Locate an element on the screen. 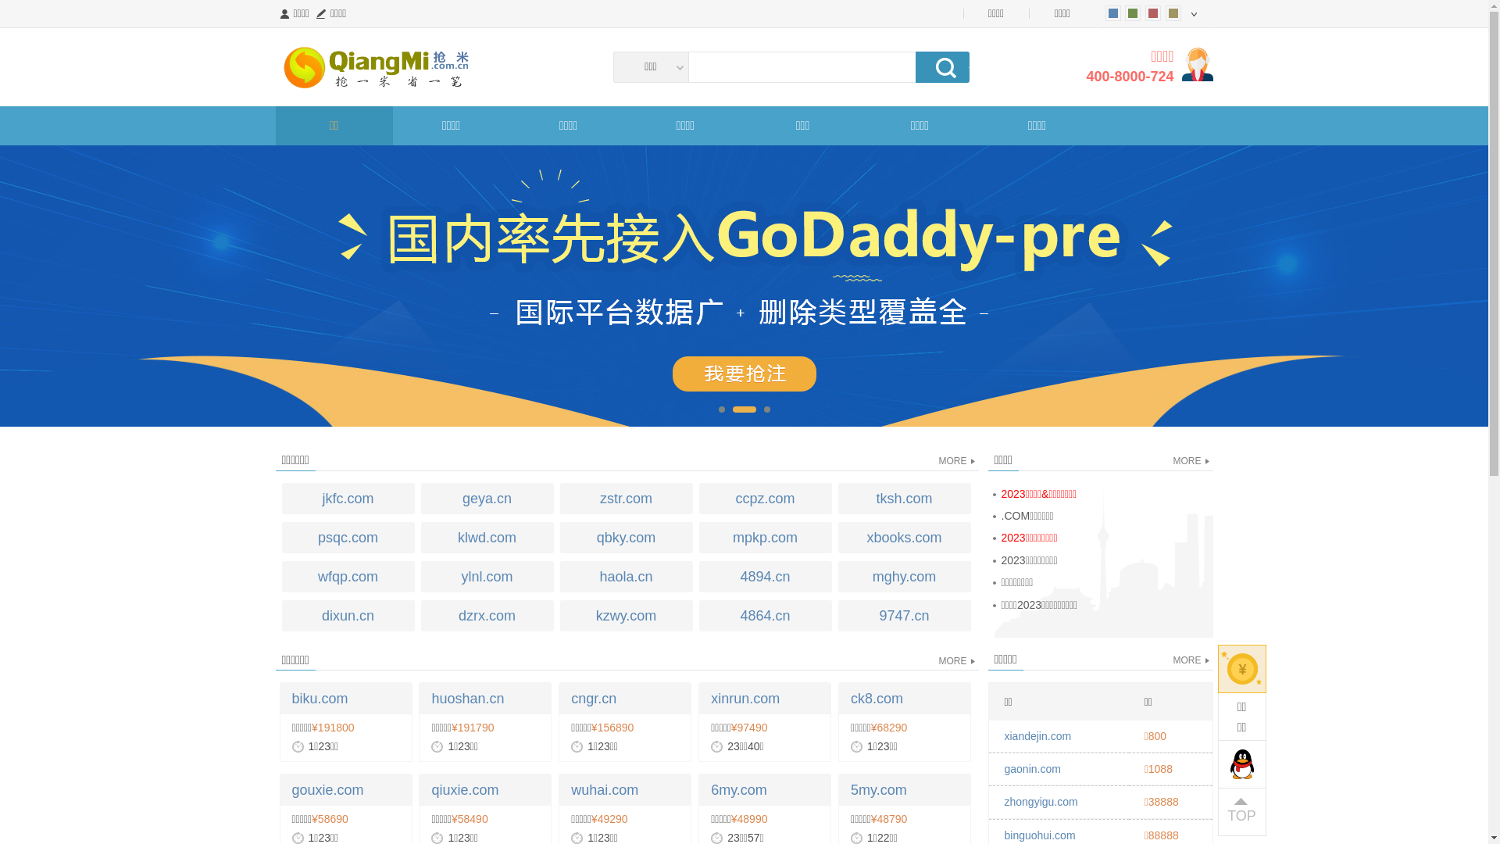 This screenshot has height=844, width=1500. 'kzwy.com' is located at coordinates (626, 614).